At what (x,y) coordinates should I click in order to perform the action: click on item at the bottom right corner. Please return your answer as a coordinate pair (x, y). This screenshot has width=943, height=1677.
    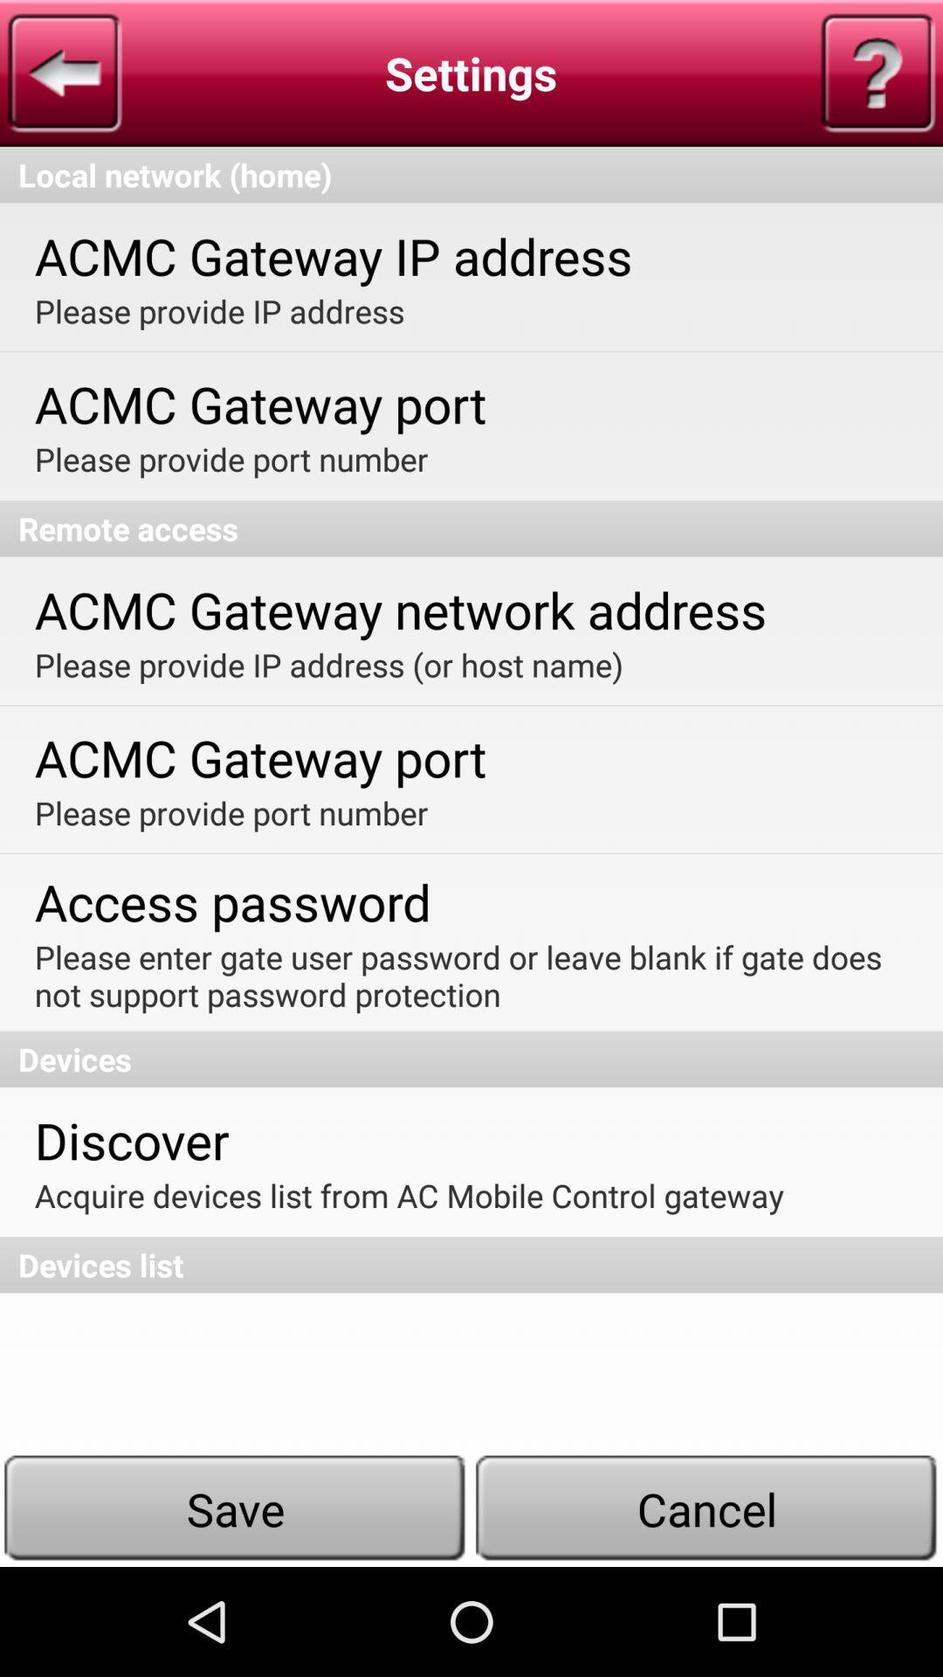
    Looking at the image, I should click on (707, 1508).